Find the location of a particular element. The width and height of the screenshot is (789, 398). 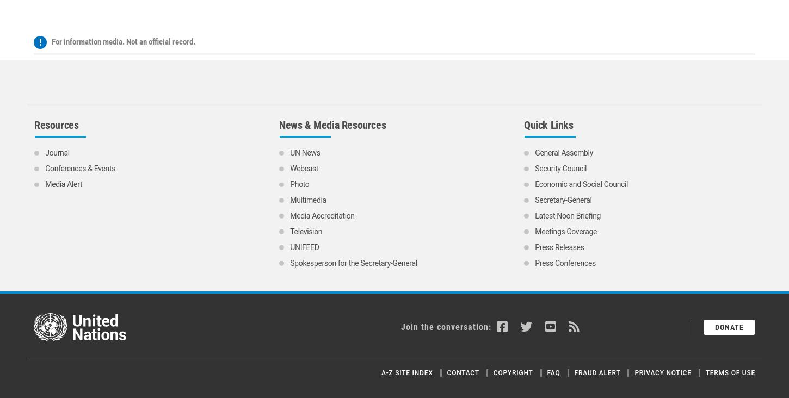

'A-Z Site Index' is located at coordinates (406, 270).